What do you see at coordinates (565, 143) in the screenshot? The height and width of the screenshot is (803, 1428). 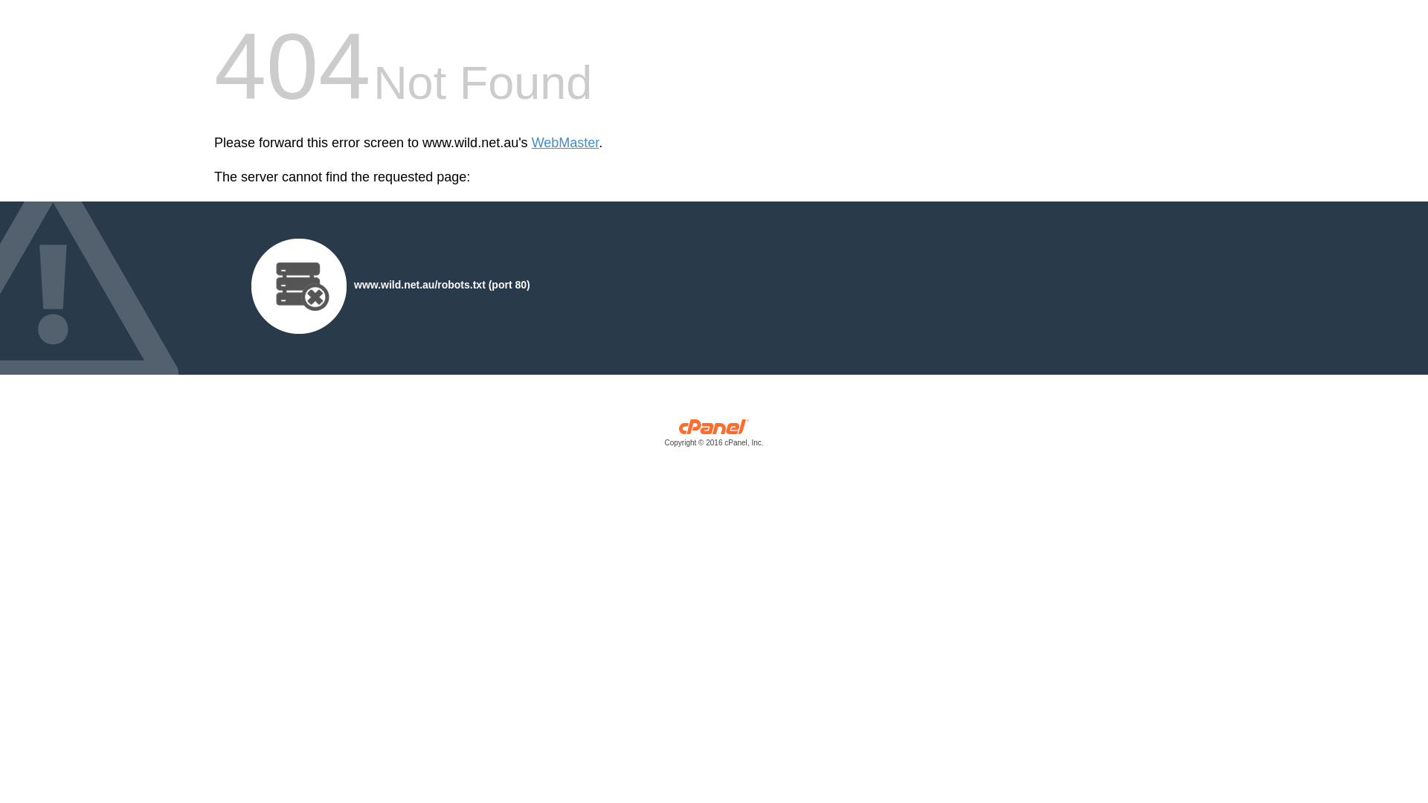 I see `'WebMaster'` at bounding box center [565, 143].